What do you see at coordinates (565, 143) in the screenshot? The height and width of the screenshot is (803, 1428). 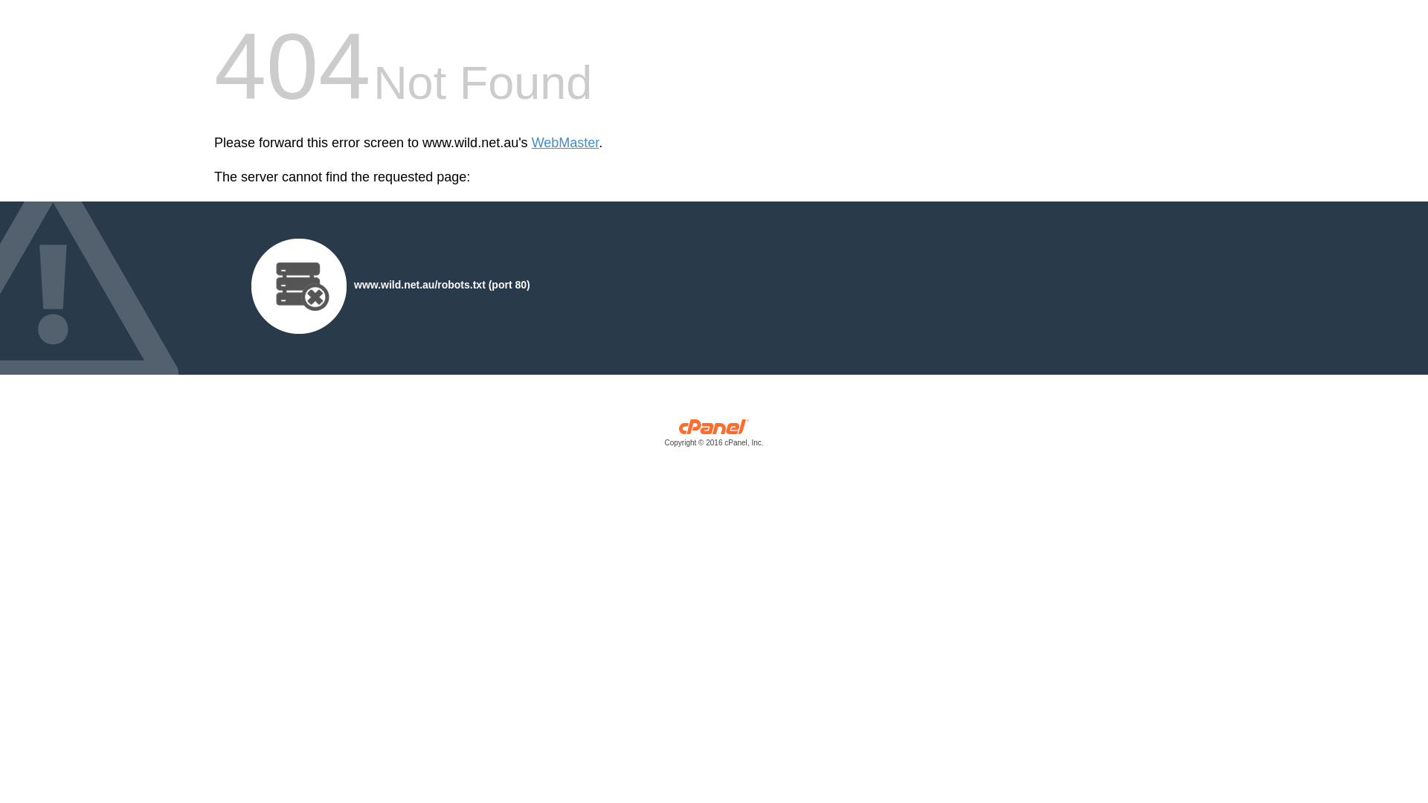 I see `'WebMaster'` at bounding box center [565, 143].